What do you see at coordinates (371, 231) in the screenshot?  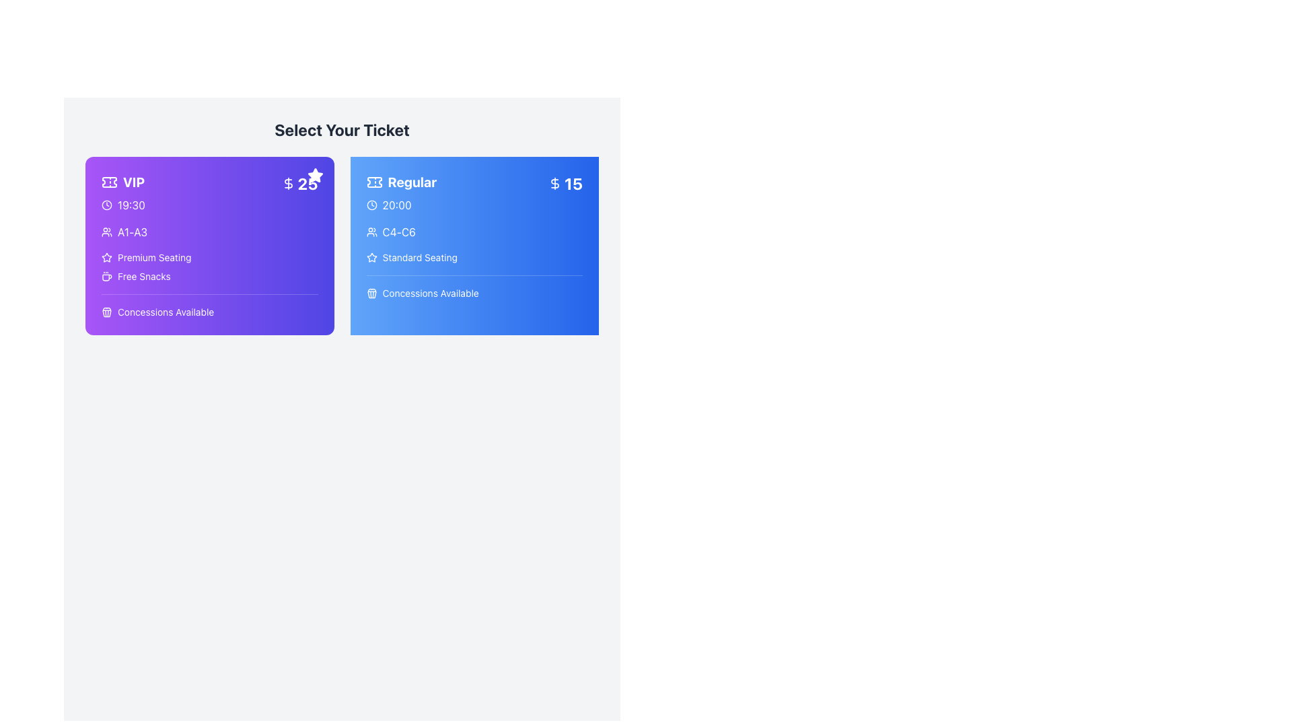 I see `the icon of two overlapping user figures located to the immediate left of the text 'C4-C6' in the 'Regular' ticket details card` at bounding box center [371, 231].